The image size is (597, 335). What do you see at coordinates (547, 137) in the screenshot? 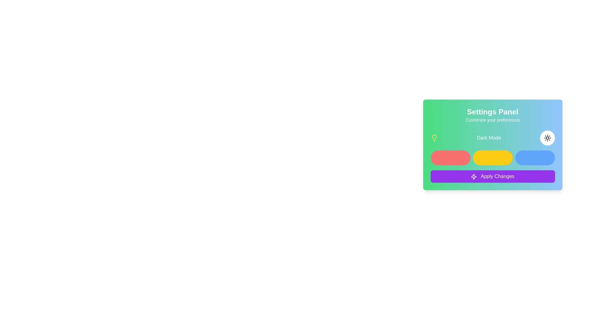
I see `the 'Light Mode' toggle icon located in the top-right corner of the settings panel, which is represented by a circular white button with a black border` at bounding box center [547, 137].